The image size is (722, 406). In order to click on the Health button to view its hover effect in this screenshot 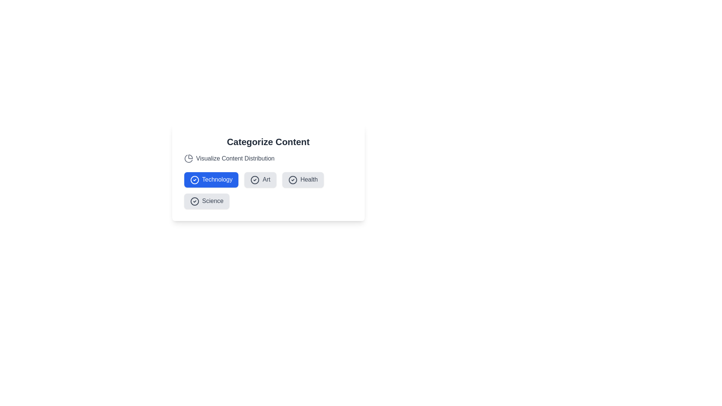, I will do `click(303, 180)`.